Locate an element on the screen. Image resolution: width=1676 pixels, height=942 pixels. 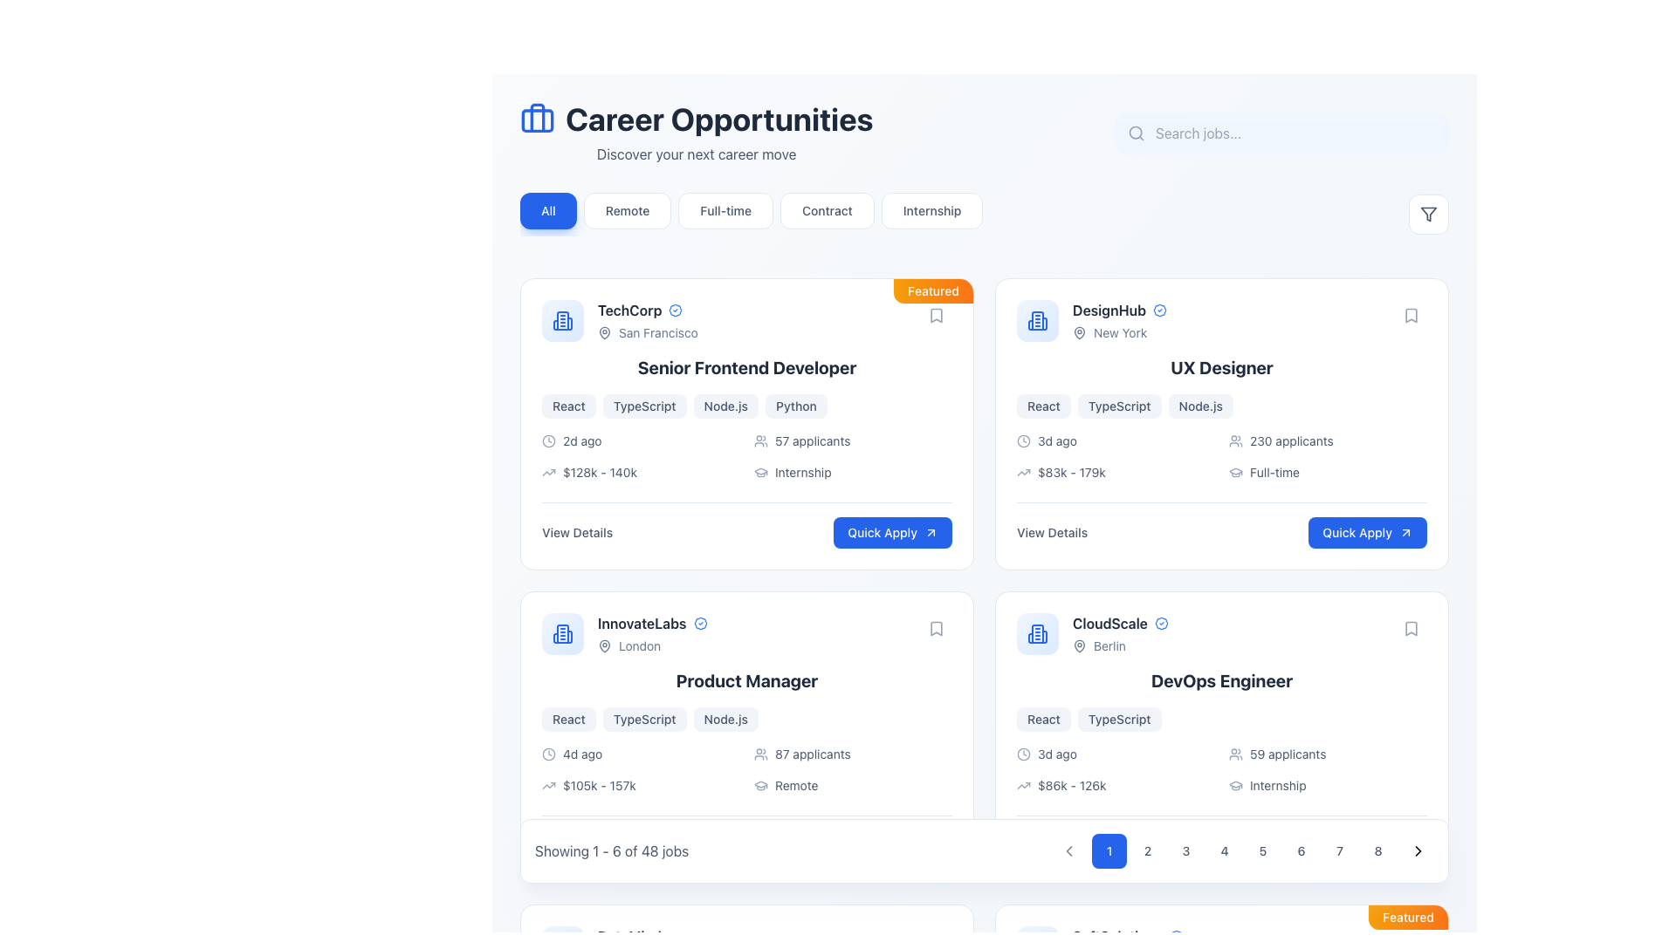
the SVG Circle at the center of the clock icon in the job card for 'InnovateLabs' is located at coordinates (547, 753).